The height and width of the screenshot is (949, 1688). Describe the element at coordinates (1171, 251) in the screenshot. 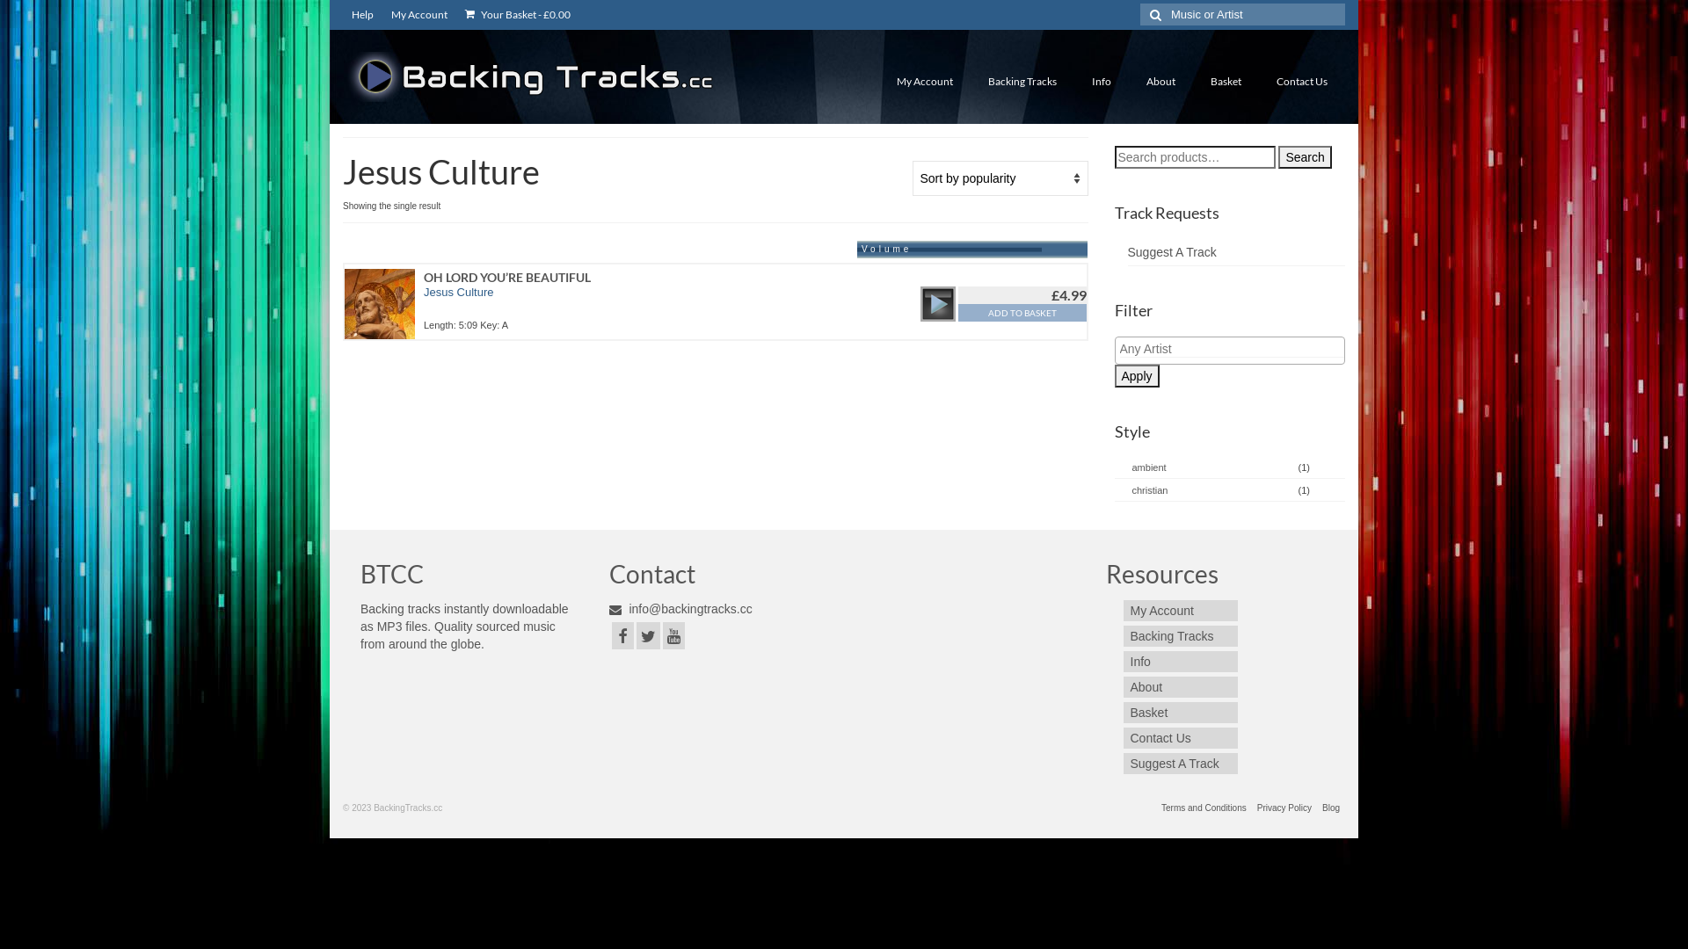

I see `'Suggest A Track'` at that location.